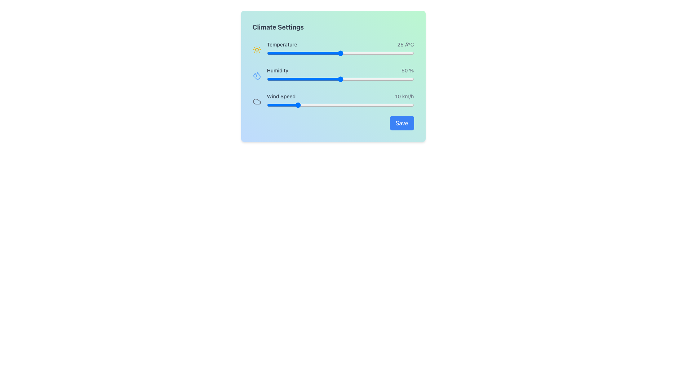 The image size is (692, 389). Describe the element at coordinates (355, 105) in the screenshot. I see `wind speed` at that location.